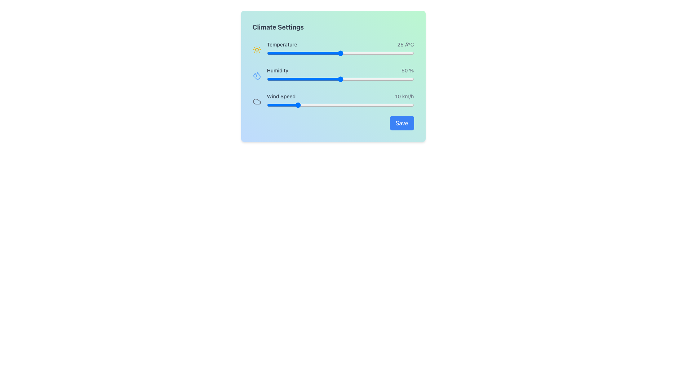 The image size is (692, 389). Describe the element at coordinates (355, 105) in the screenshot. I see `wind speed` at that location.